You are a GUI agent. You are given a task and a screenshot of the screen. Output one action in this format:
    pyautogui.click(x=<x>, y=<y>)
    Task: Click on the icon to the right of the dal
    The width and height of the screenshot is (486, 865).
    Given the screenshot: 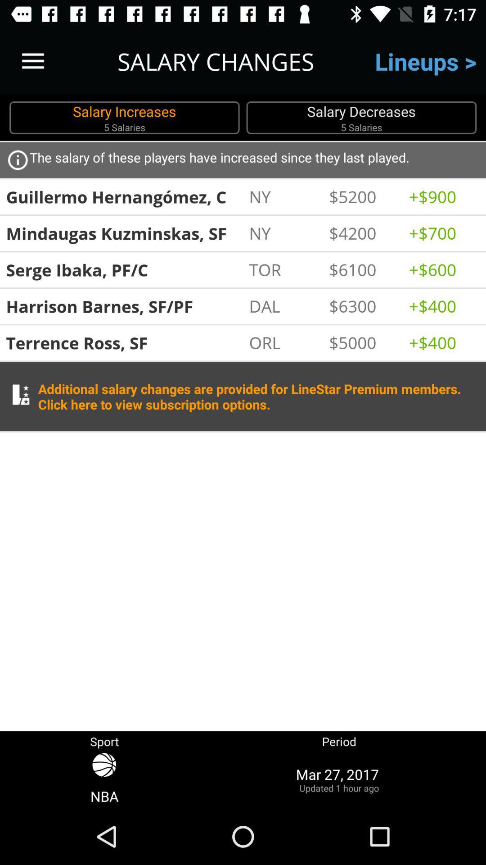 What is the action you would take?
    pyautogui.click(x=364, y=306)
    